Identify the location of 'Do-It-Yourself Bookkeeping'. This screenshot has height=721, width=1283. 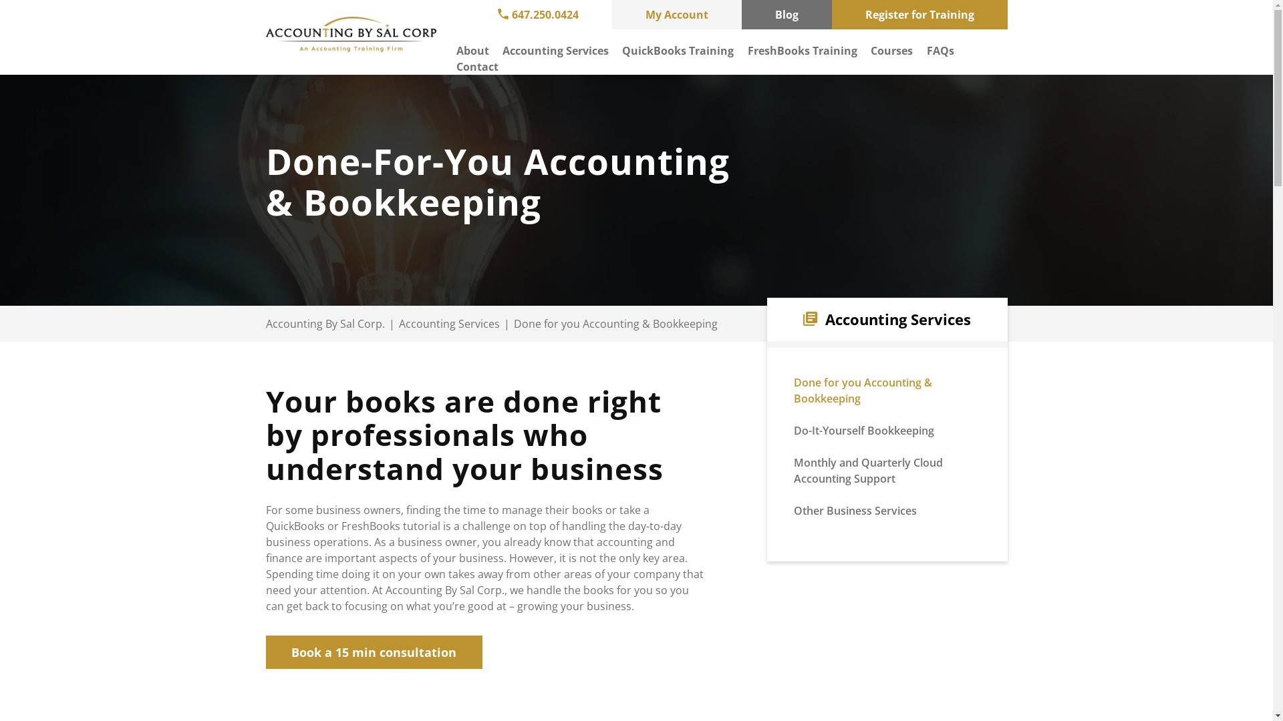
(794, 430).